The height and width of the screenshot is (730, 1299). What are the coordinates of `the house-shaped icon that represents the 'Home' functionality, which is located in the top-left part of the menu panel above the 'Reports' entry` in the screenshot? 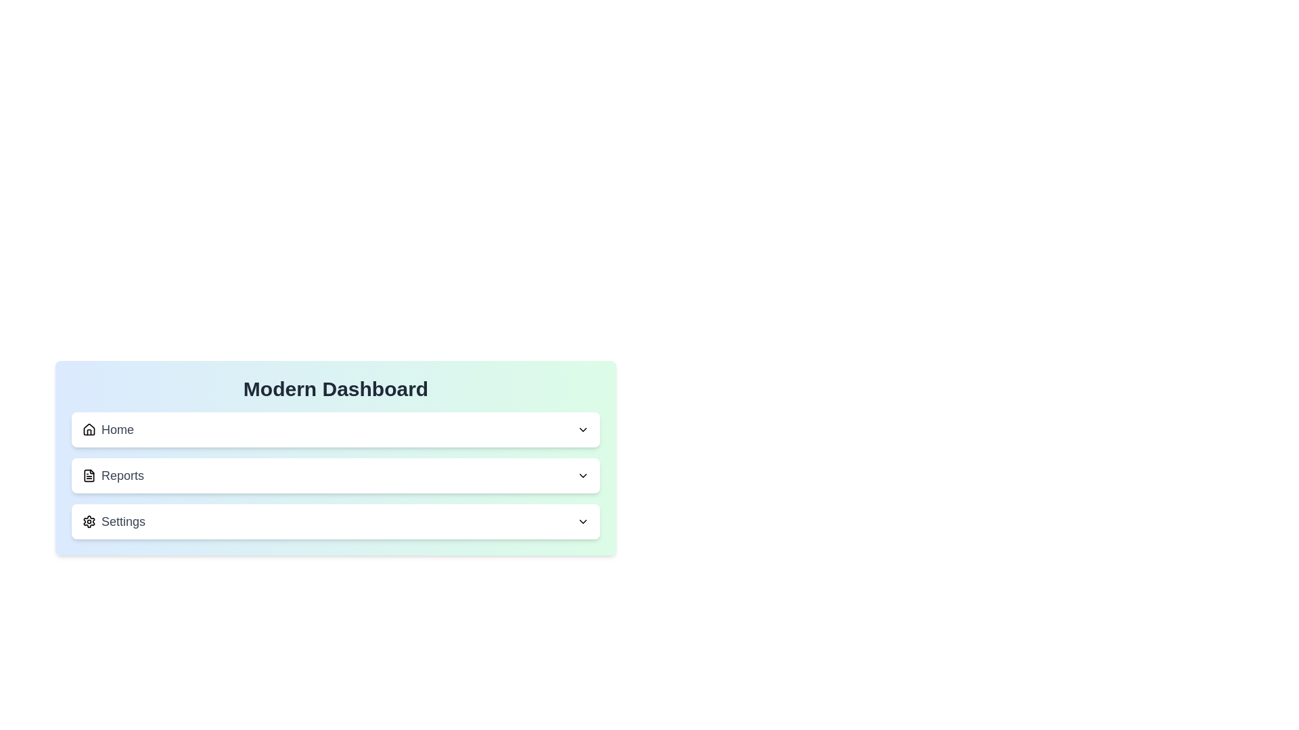 It's located at (89, 430).